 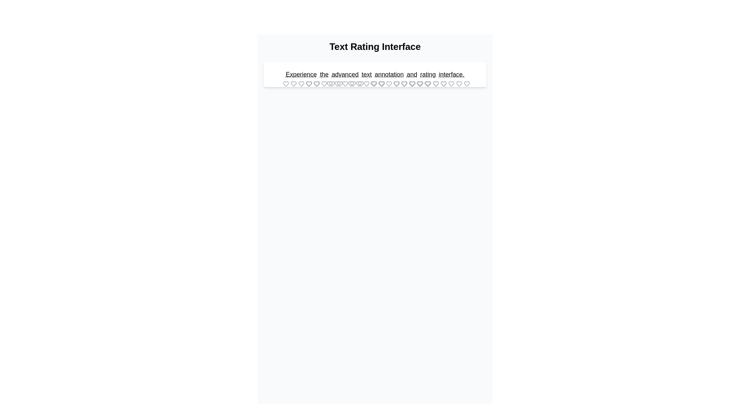 I want to click on the word interface. to select it for rating, so click(x=451, y=74).